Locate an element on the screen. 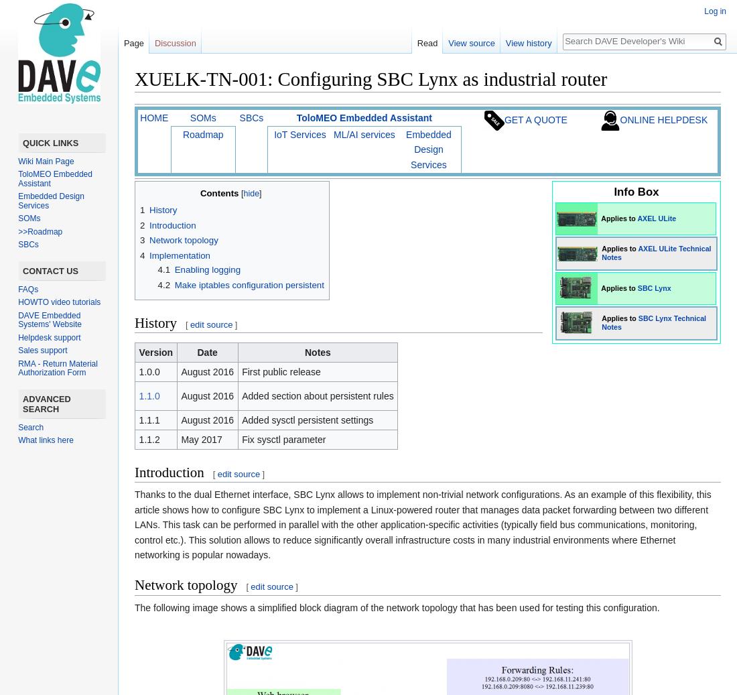 The image size is (737, 695). 'ONLINE HELPDESK' is located at coordinates (663, 118).